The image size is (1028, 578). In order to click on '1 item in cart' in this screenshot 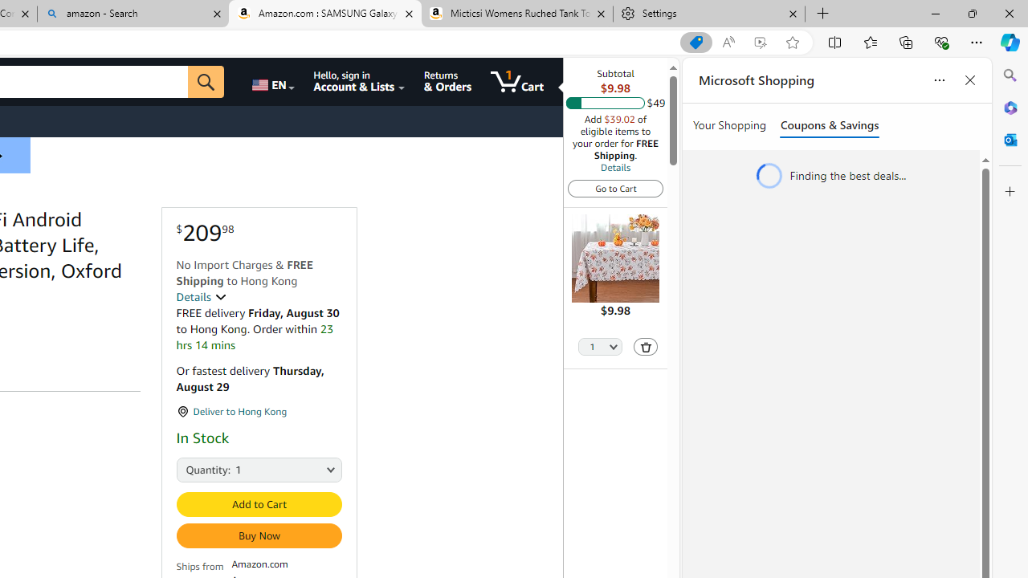, I will do `click(516, 81)`.